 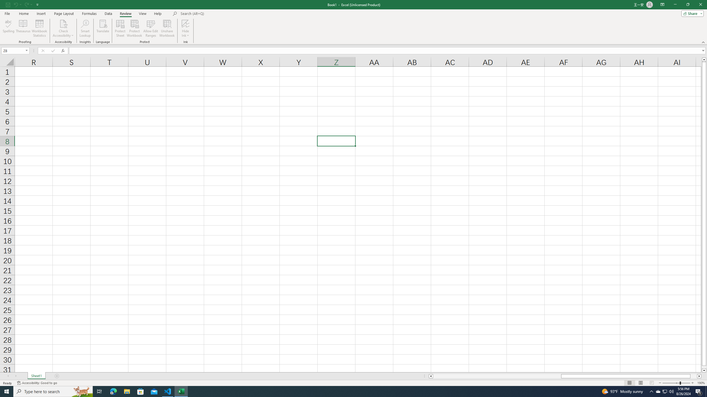 What do you see at coordinates (497, 376) in the screenshot?
I see `'Page left'` at bounding box center [497, 376].